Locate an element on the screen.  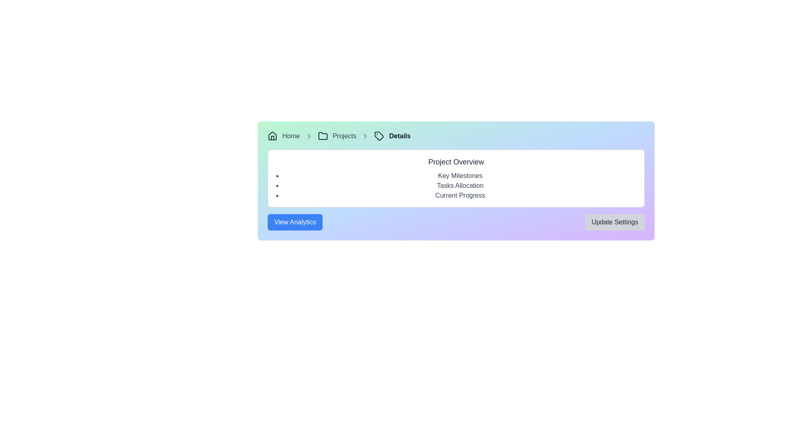
the right-pointing chevron icon in the breadcrumb navigation bar located between 'Projects' and 'Details' is located at coordinates (308, 135).